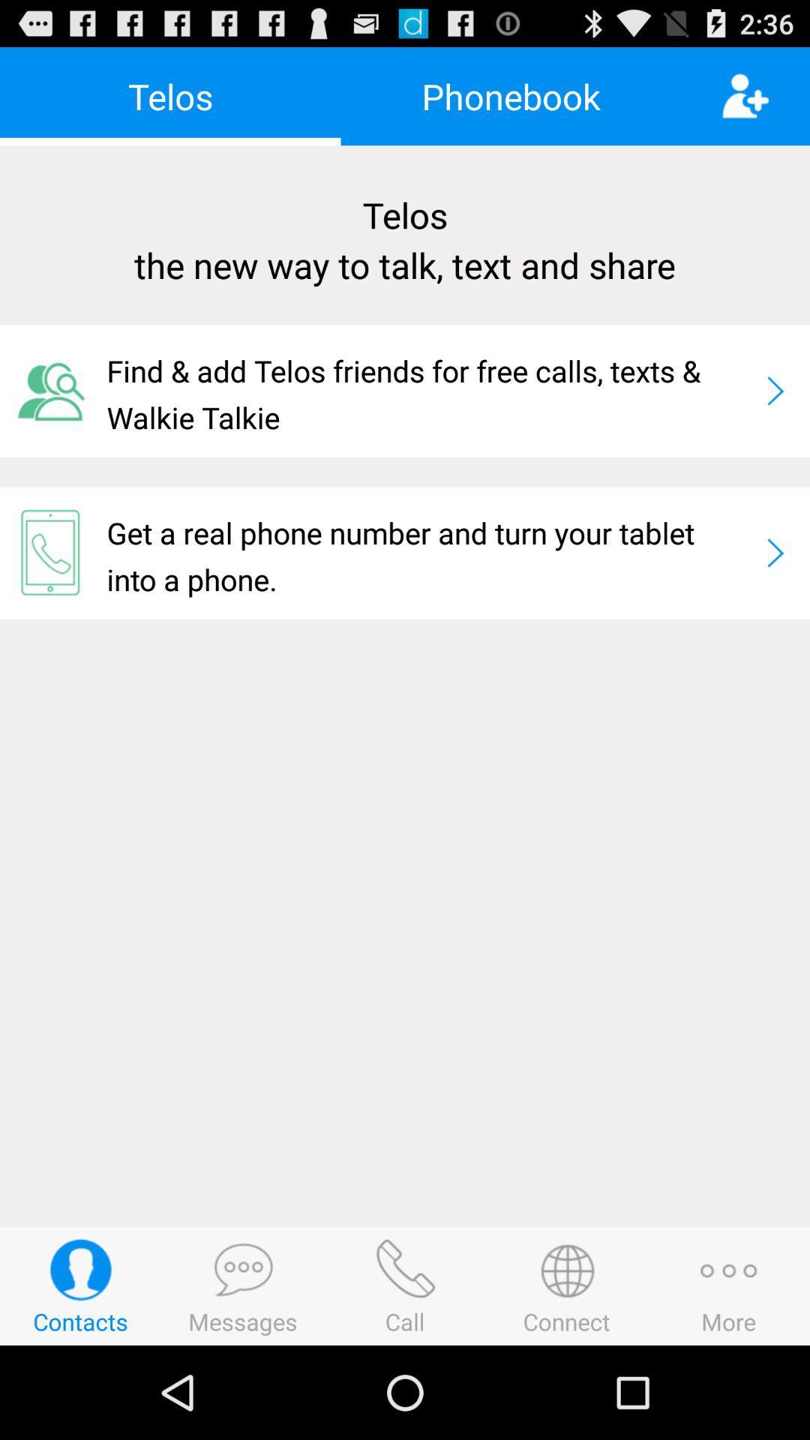 Image resolution: width=810 pixels, height=1440 pixels. I want to click on the item above find add telos icon, so click(405, 240).